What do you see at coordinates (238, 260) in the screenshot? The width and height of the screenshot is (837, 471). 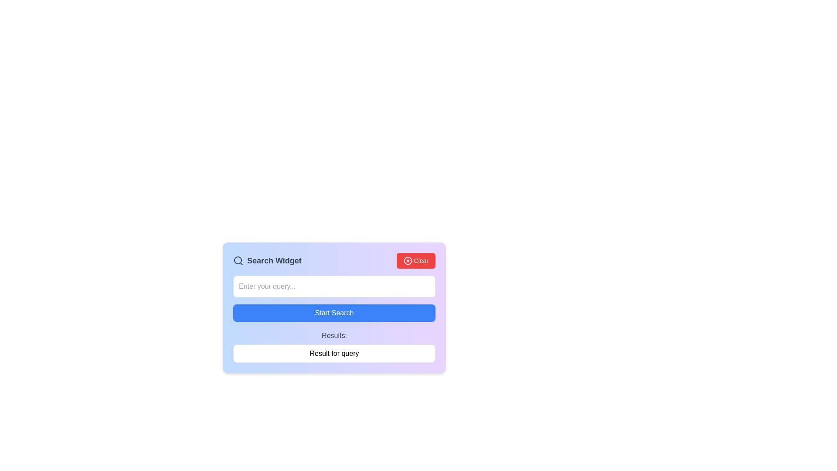 I see `the search icon located to the left of the 'Search Widget' text in the title bar of the search widget interface` at bounding box center [238, 260].